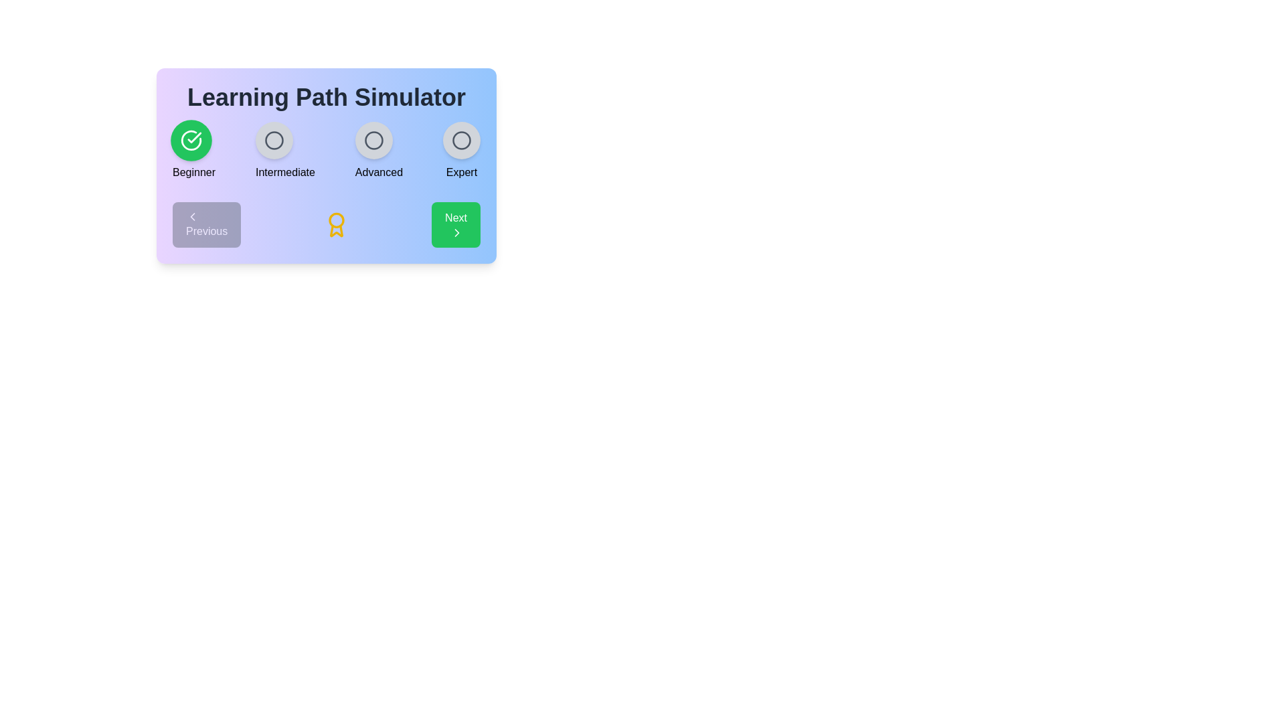  I want to click on the green circular checkmark icon associated with the 'Beginner' tab, so click(193, 137).